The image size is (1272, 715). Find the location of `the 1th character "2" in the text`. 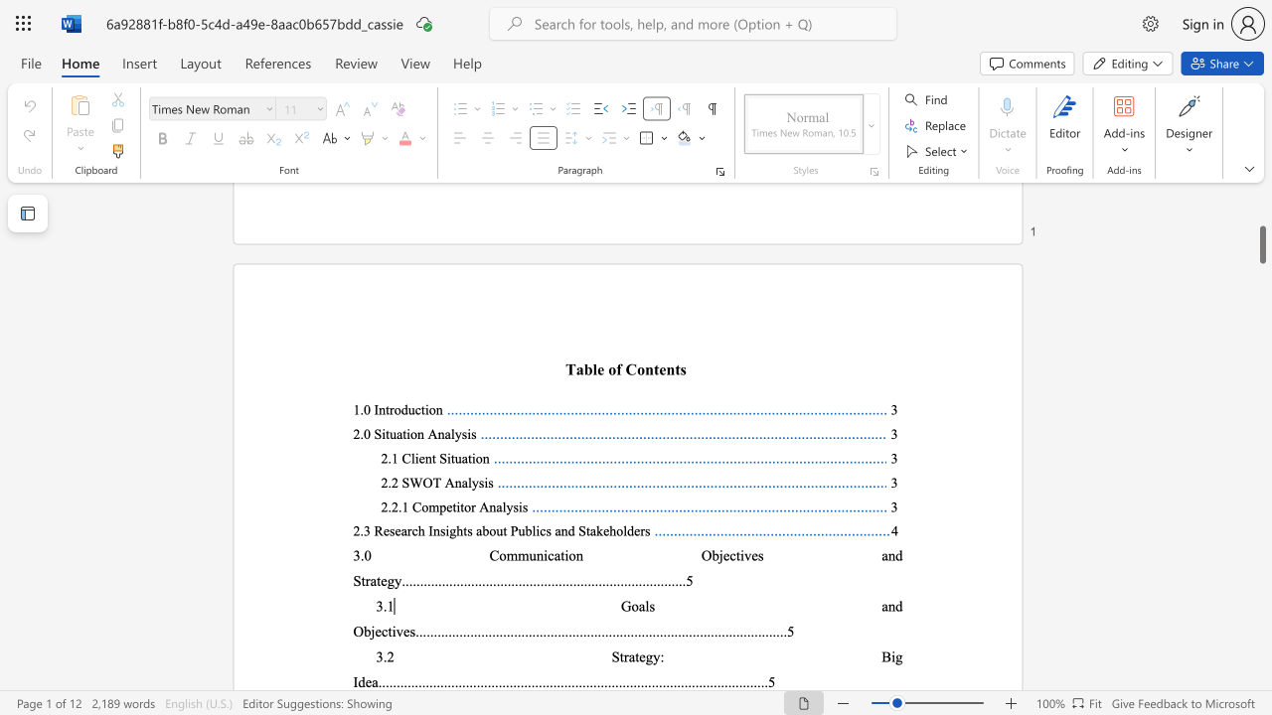

the 1th character "2" in the text is located at coordinates (391, 656).